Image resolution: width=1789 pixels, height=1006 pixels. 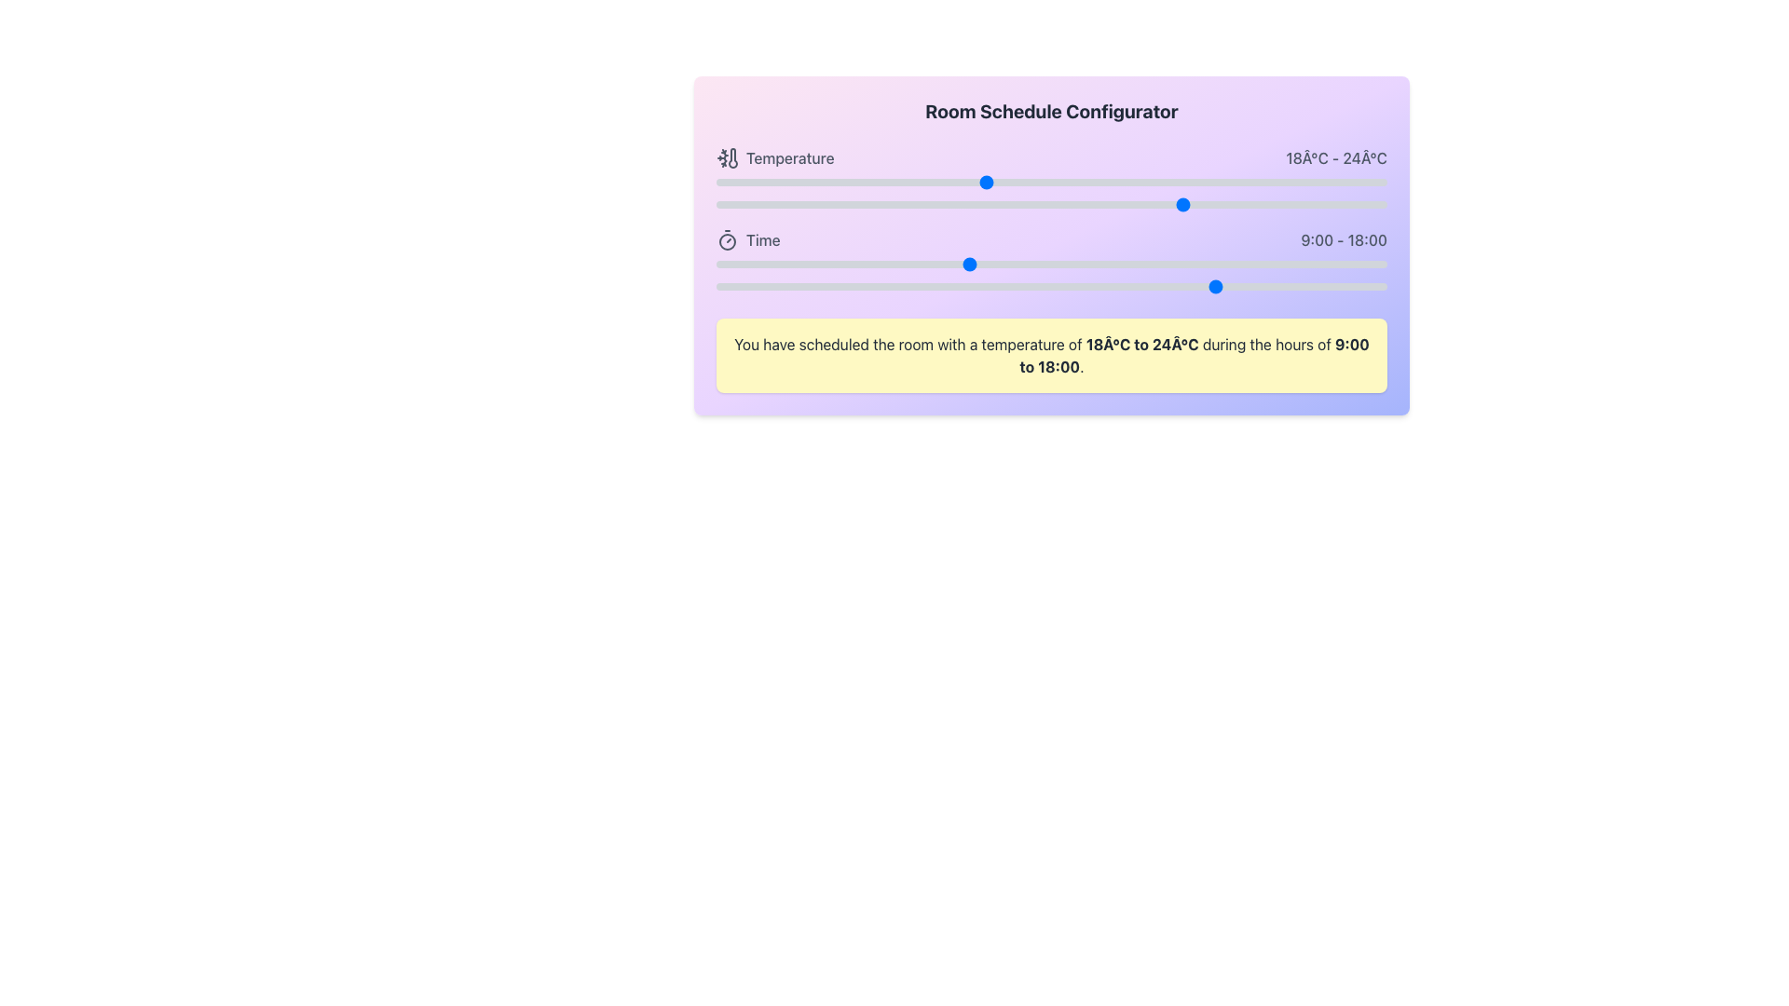 I want to click on the static text indicating the scheduled operational hours, which is the second highlighted portion of text in a light yellow notification box located towards the bottom of the interface, so click(x=1195, y=355).